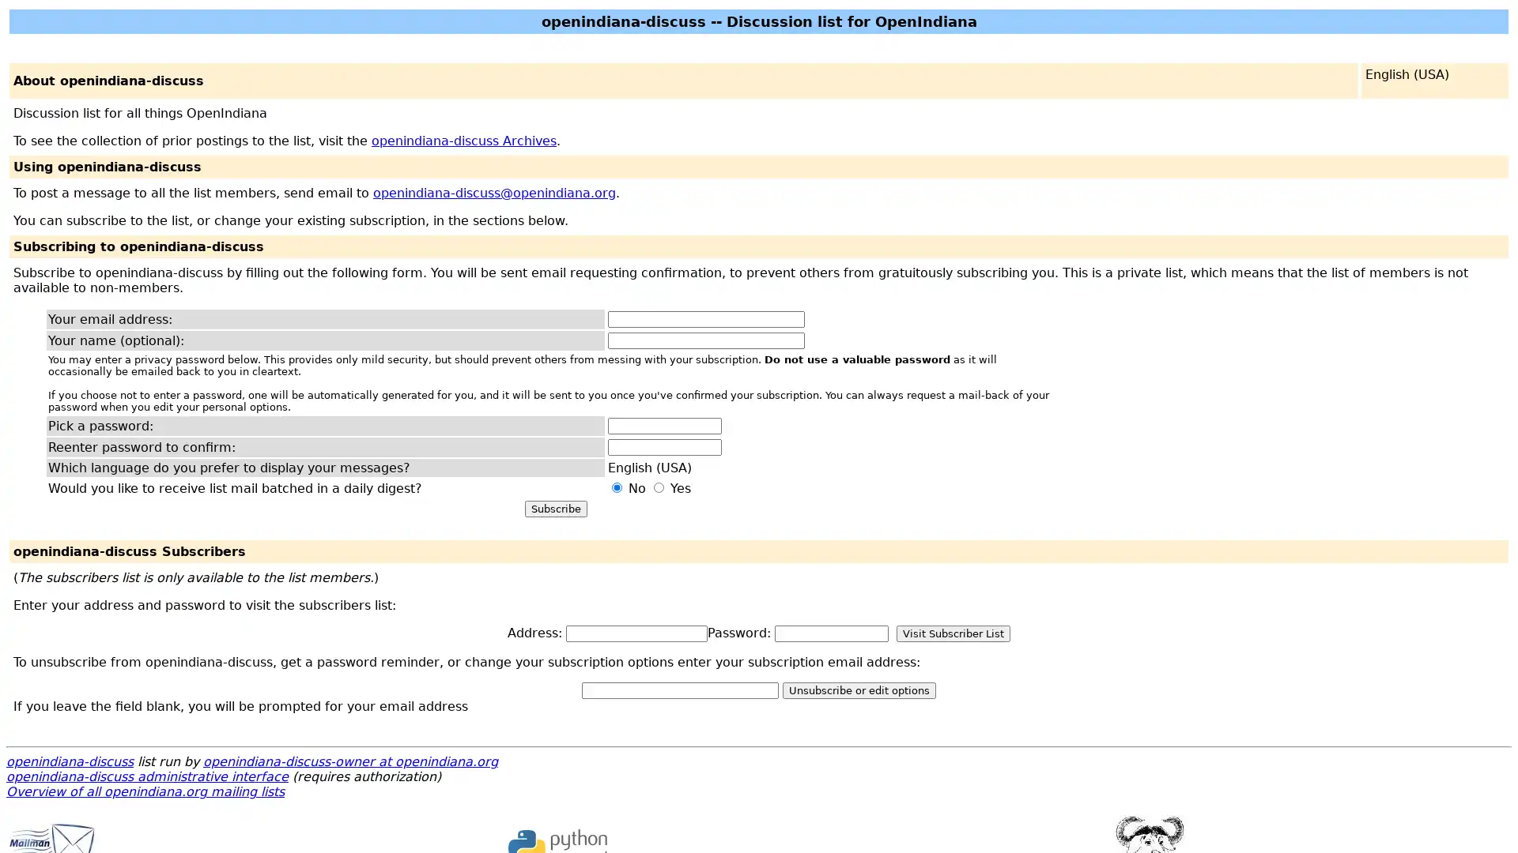 Image resolution: width=1518 pixels, height=853 pixels. I want to click on Unsubscribe or edit options, so click(858, 690).